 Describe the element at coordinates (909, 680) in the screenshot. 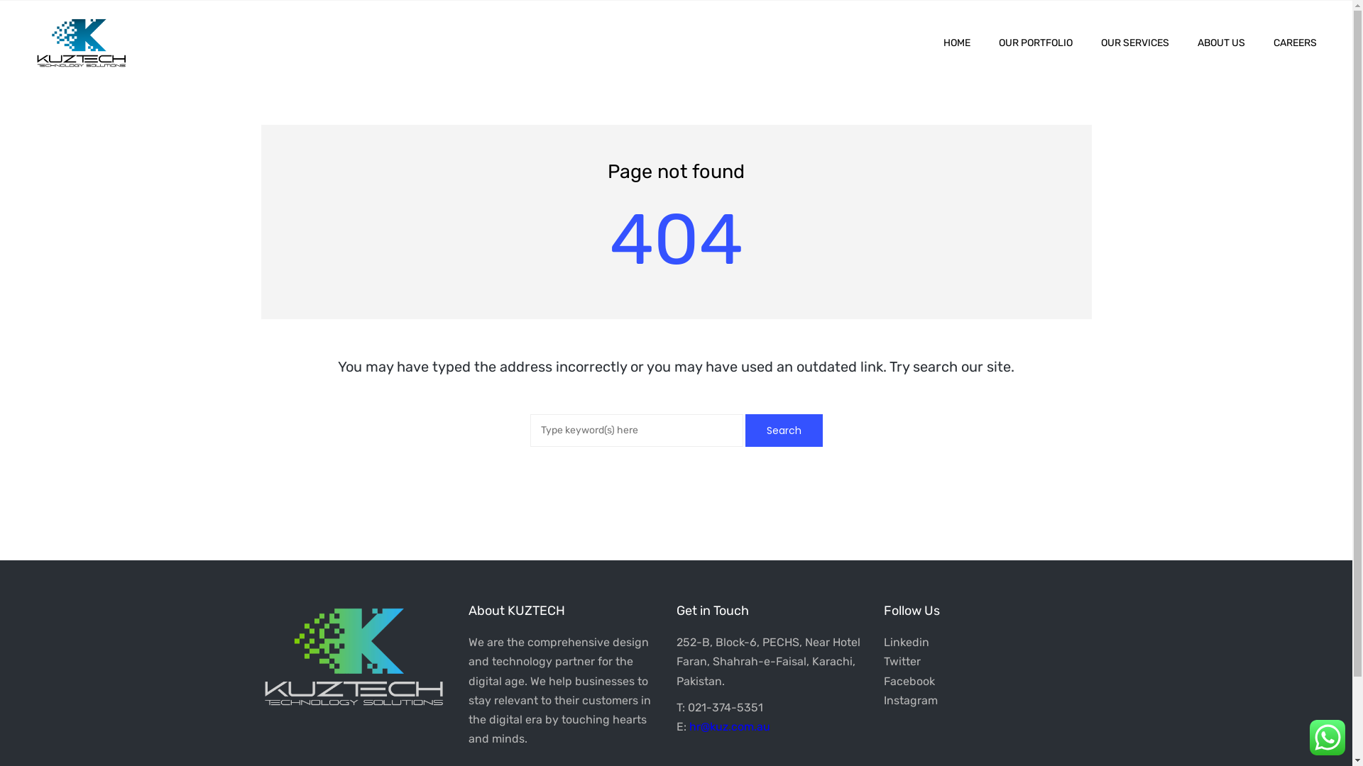

I see `'Facebook'` at that location.